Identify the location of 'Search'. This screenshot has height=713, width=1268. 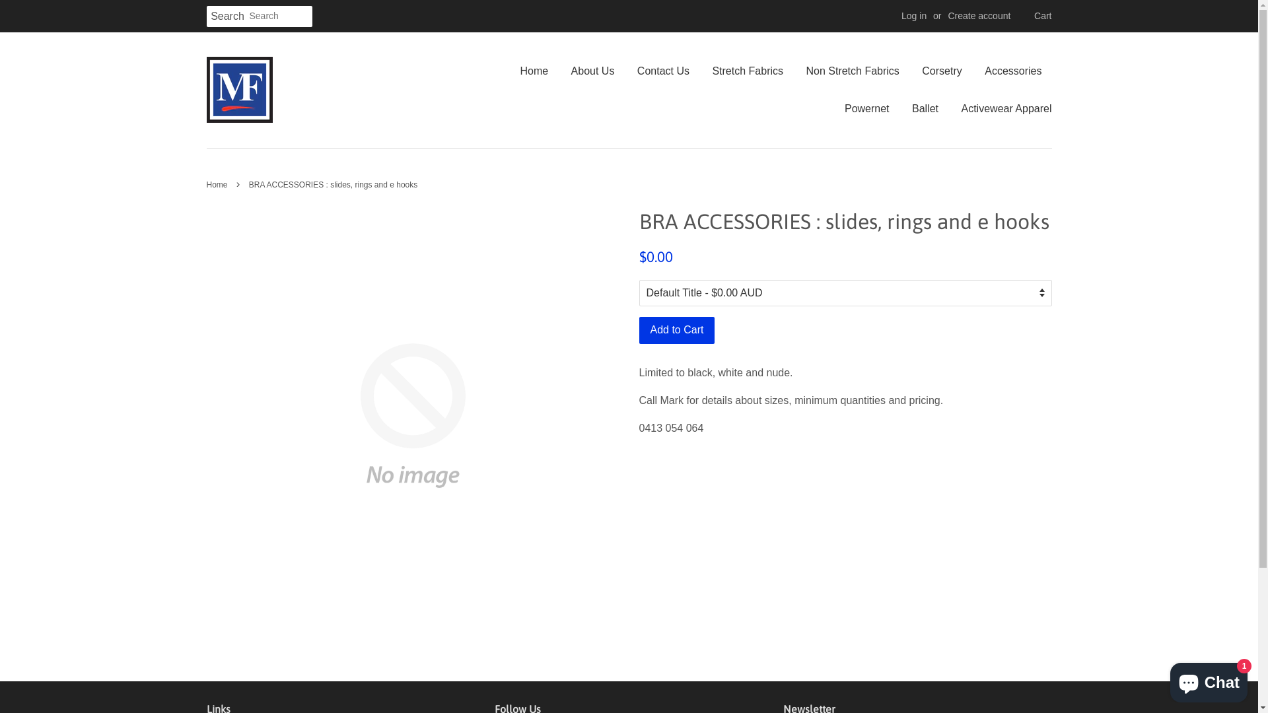
(227, 17).